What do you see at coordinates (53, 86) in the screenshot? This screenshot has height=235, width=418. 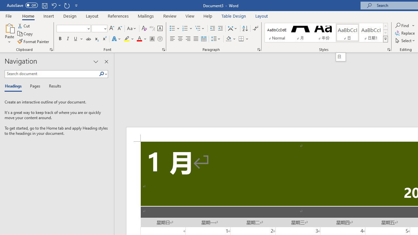 I see `'Results'` at bounding box center [53, 86].